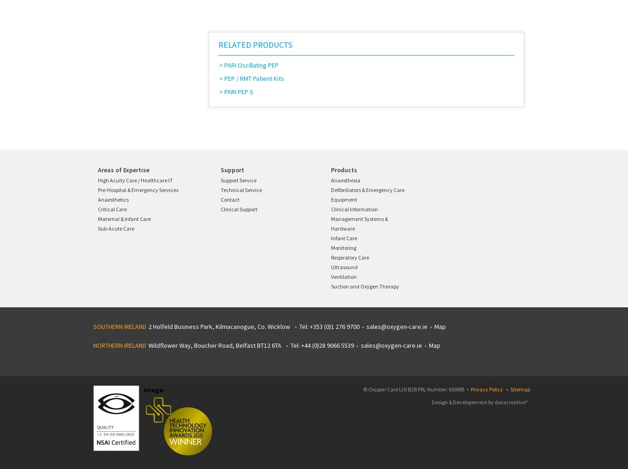  I want to click on 'SOUTHERN IRELAND', so click(120, 326).